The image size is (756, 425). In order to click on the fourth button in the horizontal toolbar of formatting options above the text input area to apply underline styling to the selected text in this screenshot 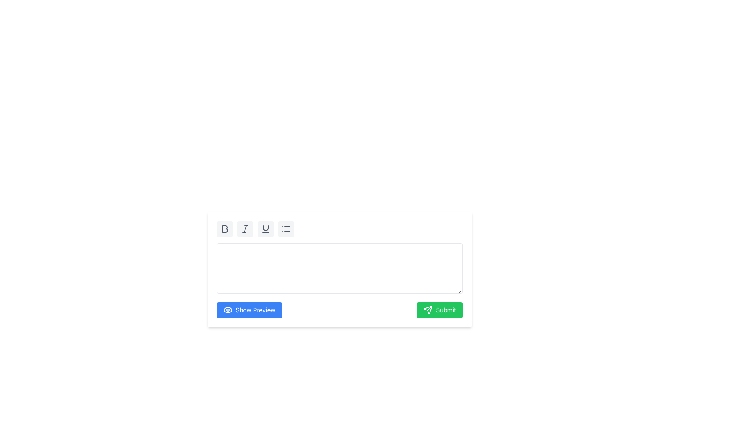, I will do `click(265, 229)`.